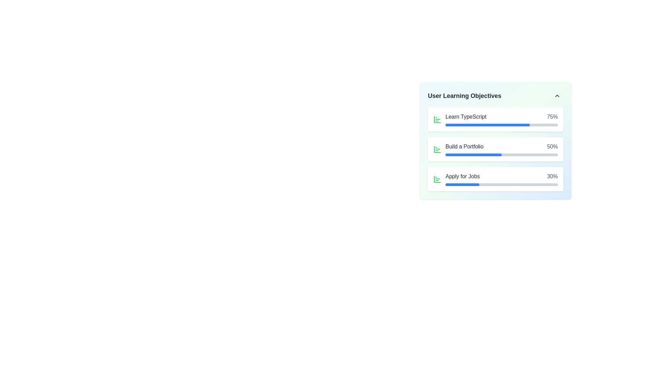 Image resolution: width=650 pixels, height=366 pixels. I want to click on the progress bar fill indicator that is styled as a horizontal blue bar with rounded edges, located next to the 'Learn TypeScript' label and the numerical value '75%' under the 'User Learning Objectives' section, so click(487, 125).